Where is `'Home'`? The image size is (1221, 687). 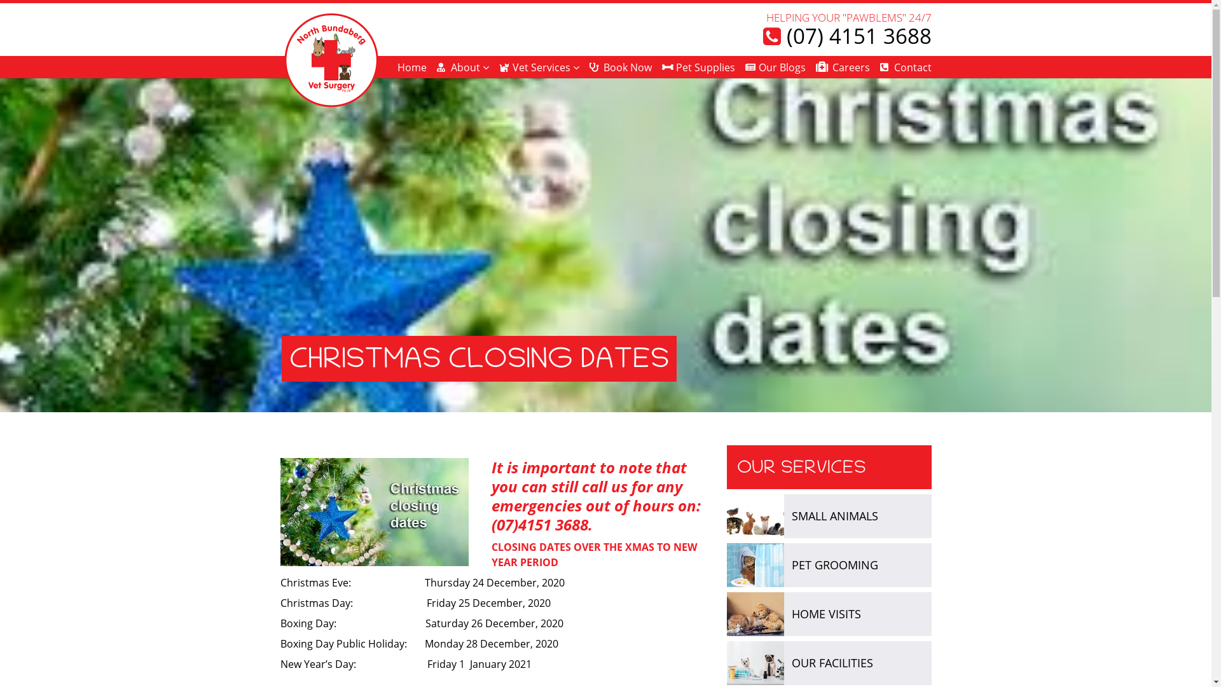 'Home' is located at coordinates (396, 67).